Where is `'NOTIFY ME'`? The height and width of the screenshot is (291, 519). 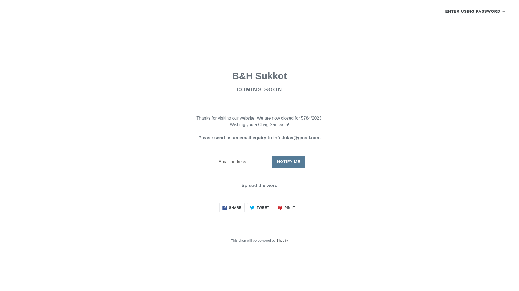
'NOTIFY ME' is located at coordinates (272, 162).